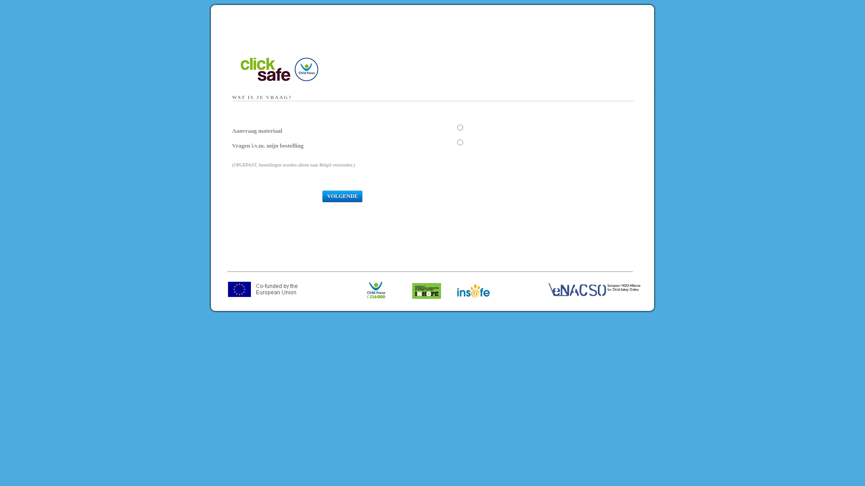  What do you see at coordinates (322, 196) in the screenshot?
I see `'Volgende'` at bounding box center [322, 196].